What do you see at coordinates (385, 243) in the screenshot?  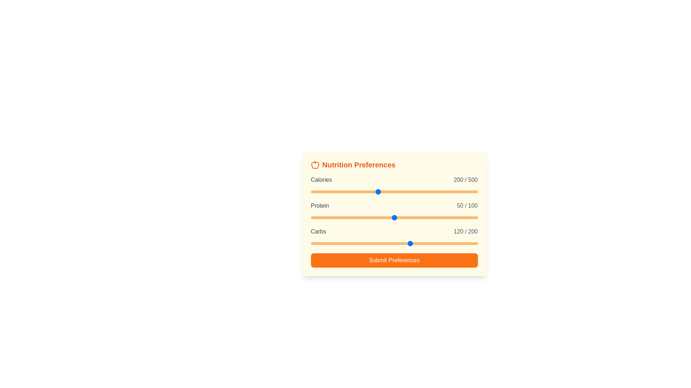 I see `the carbs value` at bounding box center [385, 243].